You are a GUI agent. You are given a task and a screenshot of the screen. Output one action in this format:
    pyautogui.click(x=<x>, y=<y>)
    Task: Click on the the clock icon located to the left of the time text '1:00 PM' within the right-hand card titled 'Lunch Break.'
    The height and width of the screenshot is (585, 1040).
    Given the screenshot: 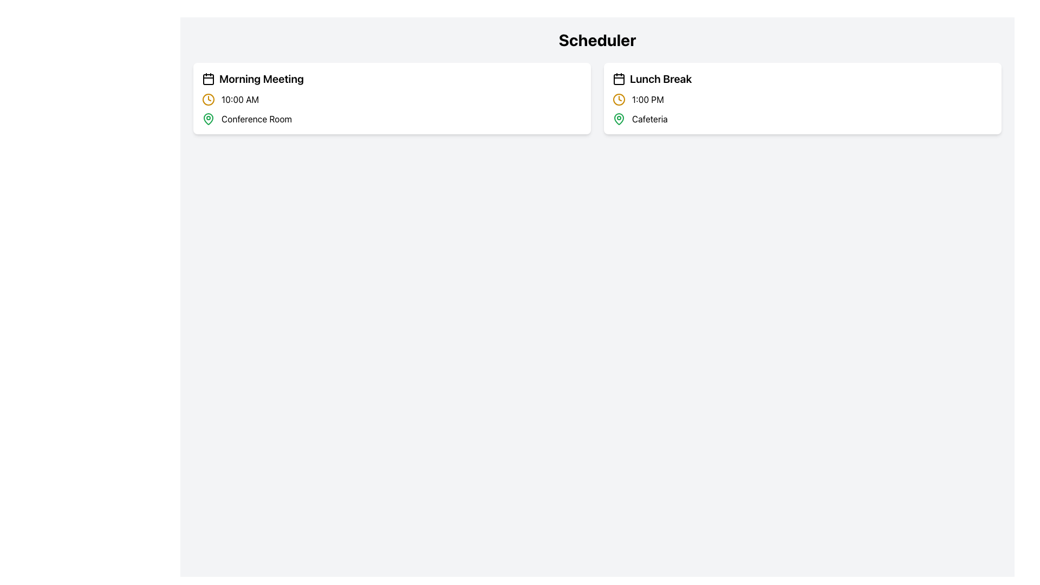 What is the action you would take?
    pyautogui.click(x=619, y=100)
    